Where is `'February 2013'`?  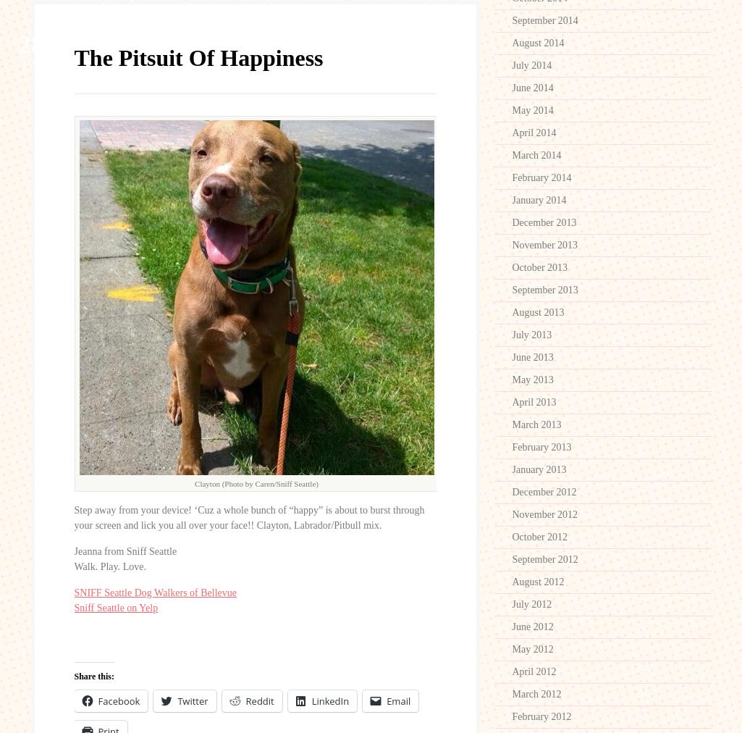
'February 2013' is located at coordinates (541, 446).